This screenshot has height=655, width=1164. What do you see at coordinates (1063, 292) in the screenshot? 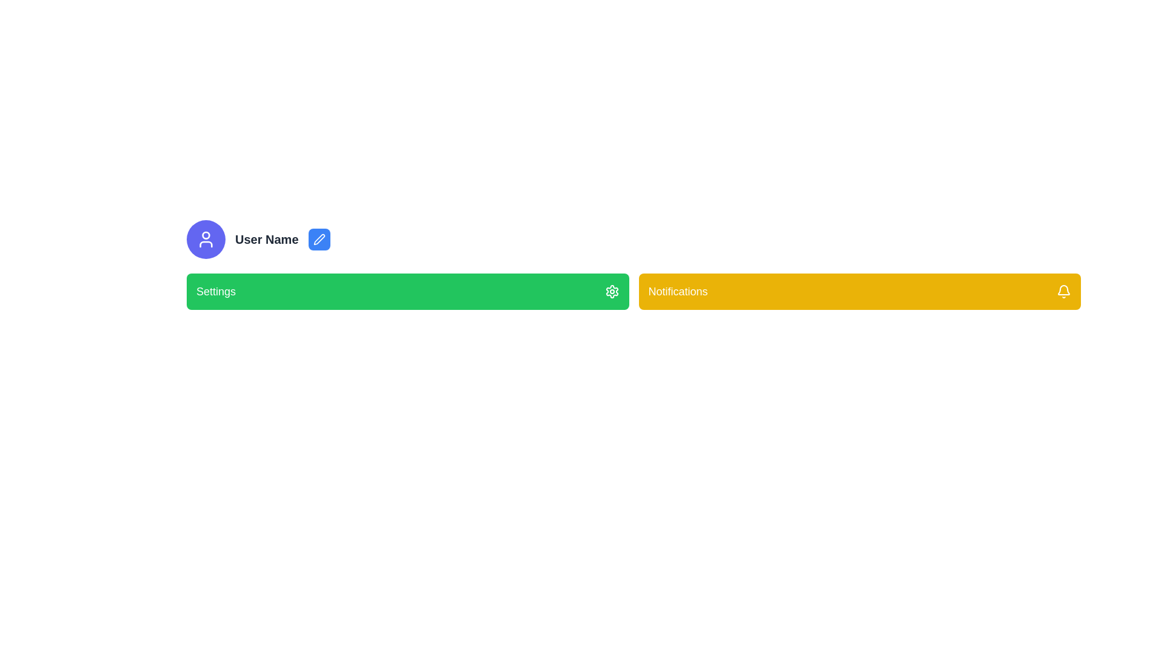
I see `the bell icon, which represents notifications and is located within the yellow notification button, adjacent to the text 'Notifications'` at bounding box center [1063, 292].